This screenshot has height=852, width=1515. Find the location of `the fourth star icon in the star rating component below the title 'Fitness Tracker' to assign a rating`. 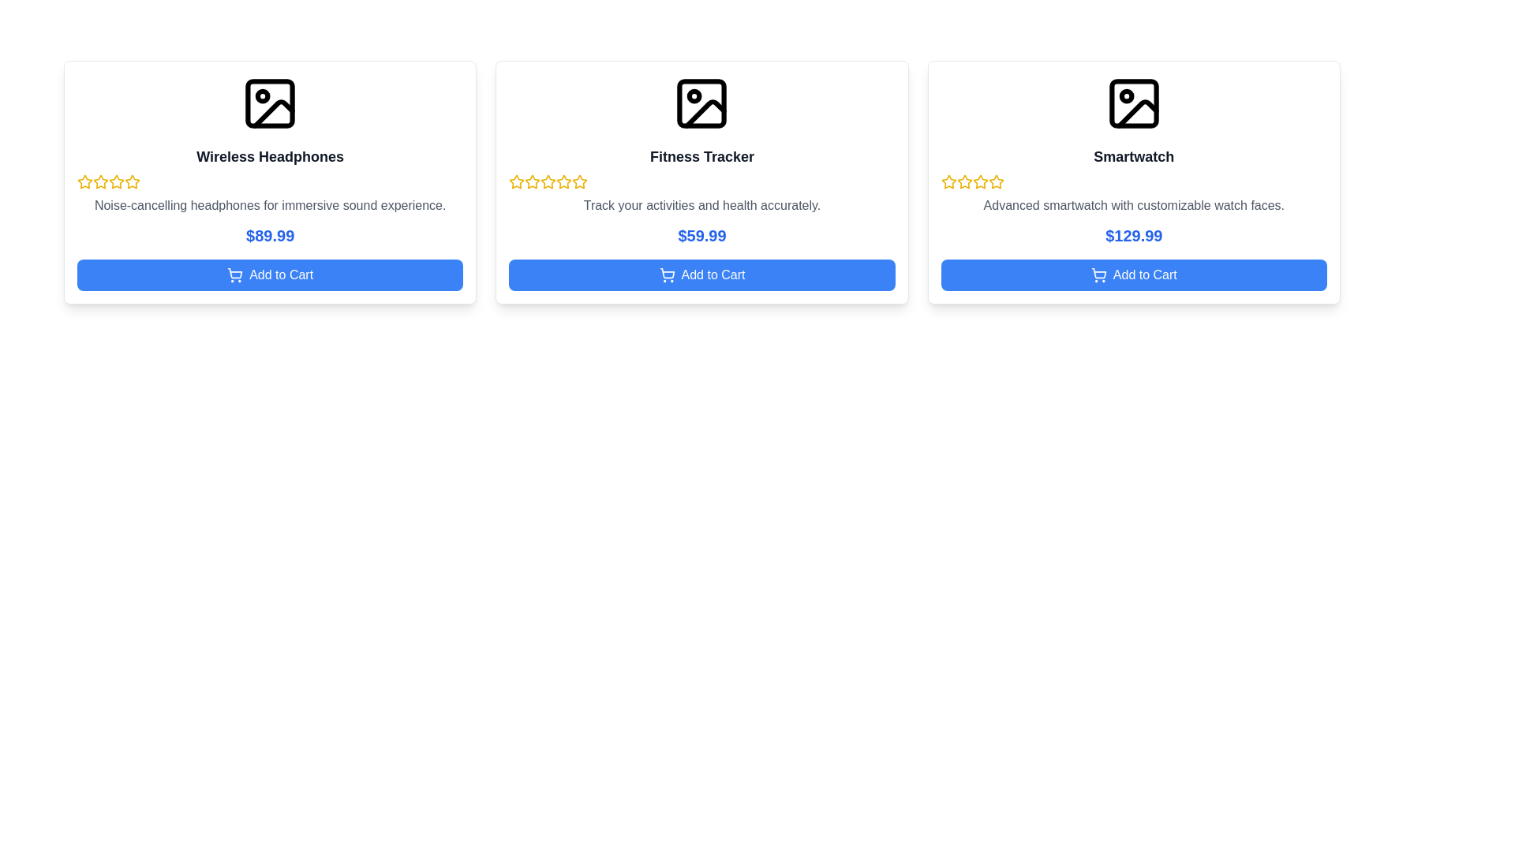

the fourth star icon in the star rating component below the title 'Fitness Tracker' to assign a rating is located at coordinates (564, 181).